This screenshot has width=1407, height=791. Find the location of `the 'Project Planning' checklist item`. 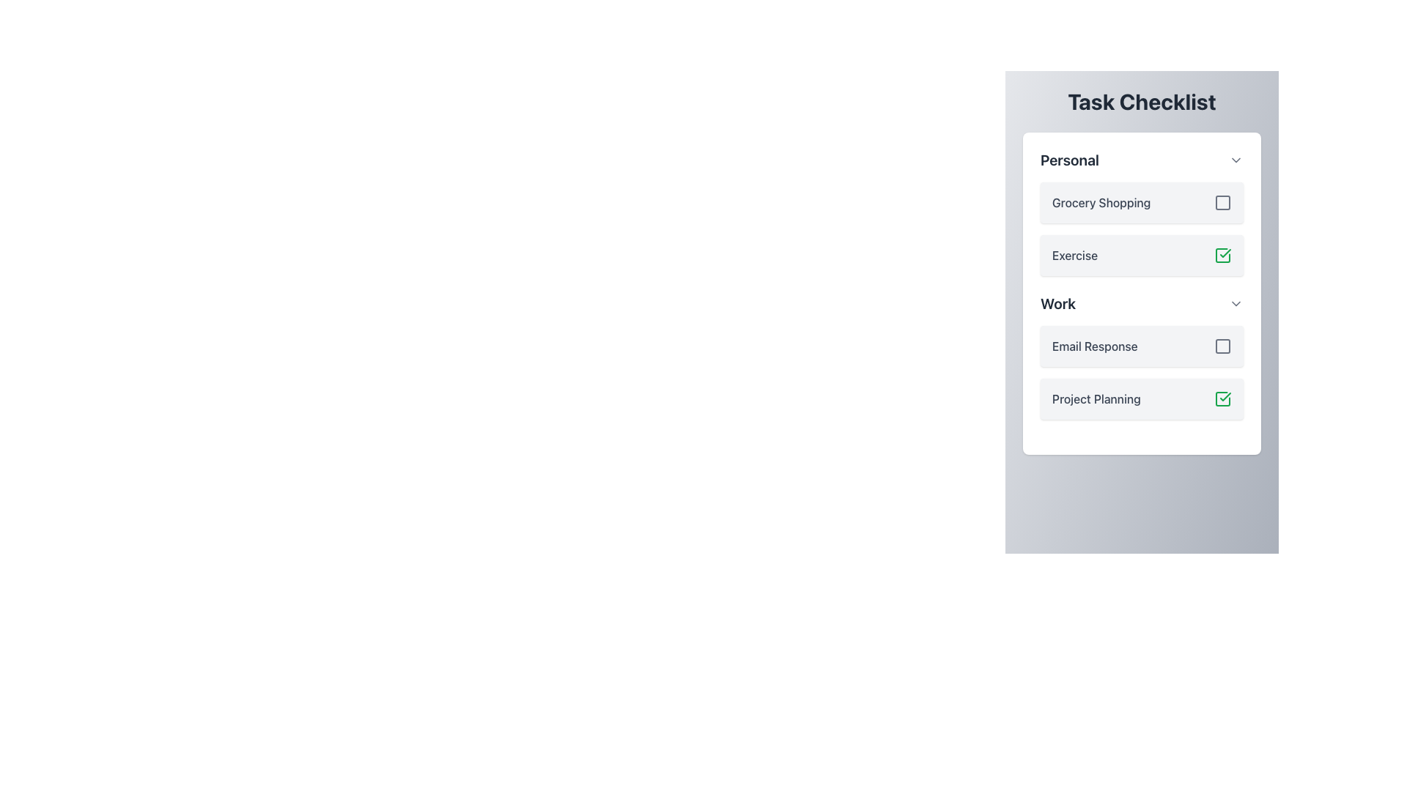

the 'Project Planning' checklist item is located at coordinates (1141, 398).